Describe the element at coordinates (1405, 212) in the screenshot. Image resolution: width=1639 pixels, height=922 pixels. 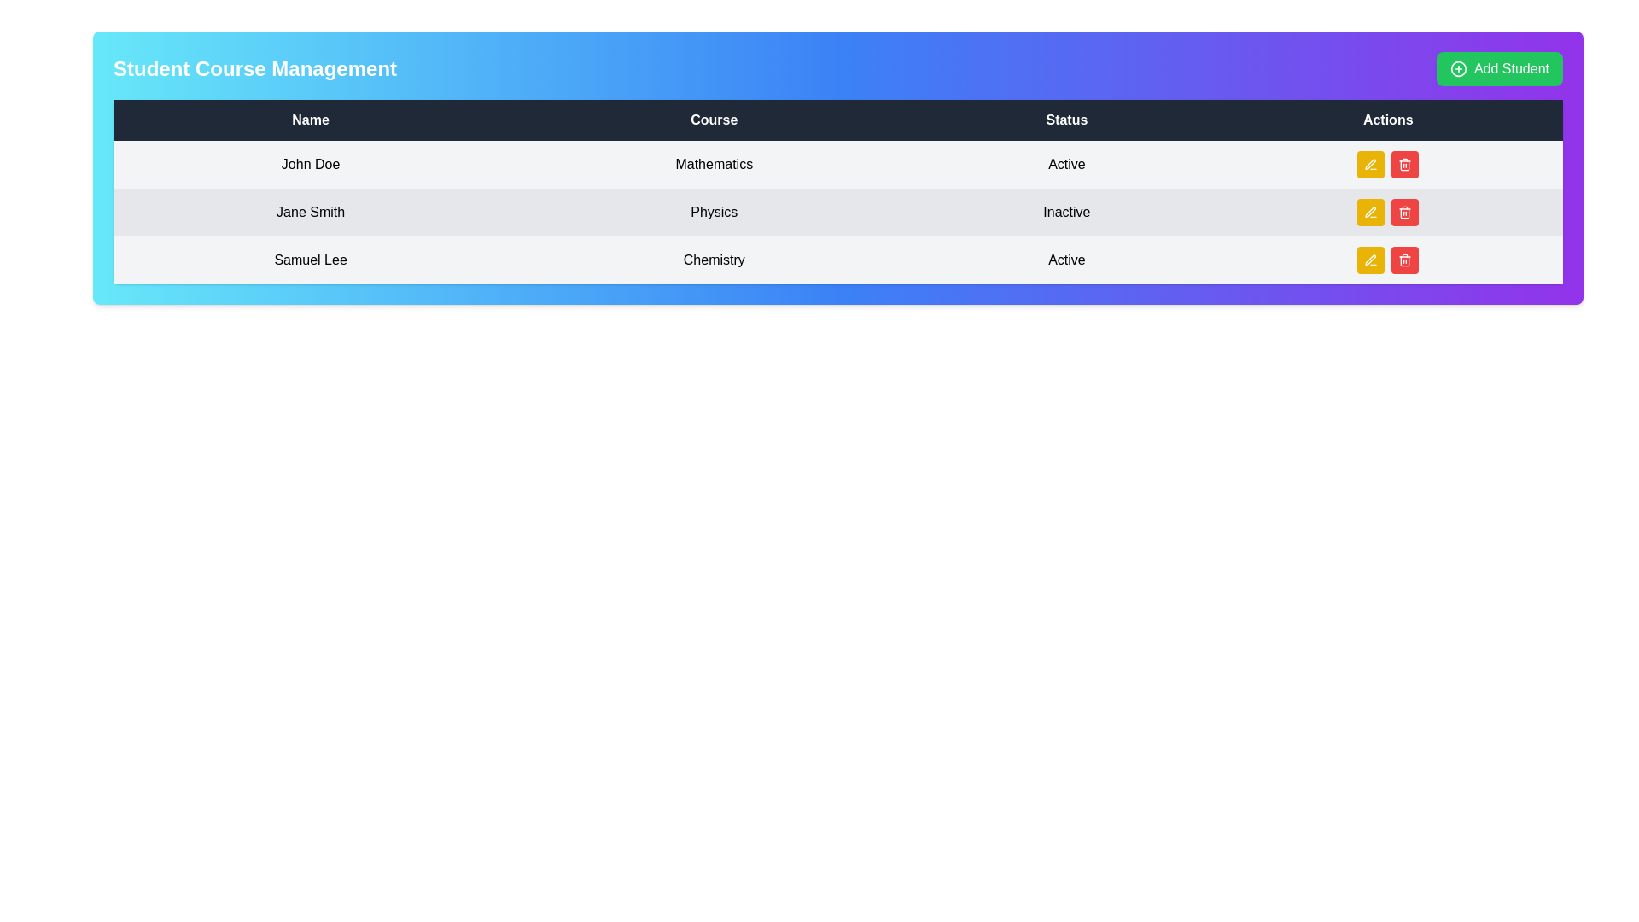
I see `the delete button, which is styled with a red background, white text, and a trash icon, located in the last column of the actions section in the second row of the table` at that location.